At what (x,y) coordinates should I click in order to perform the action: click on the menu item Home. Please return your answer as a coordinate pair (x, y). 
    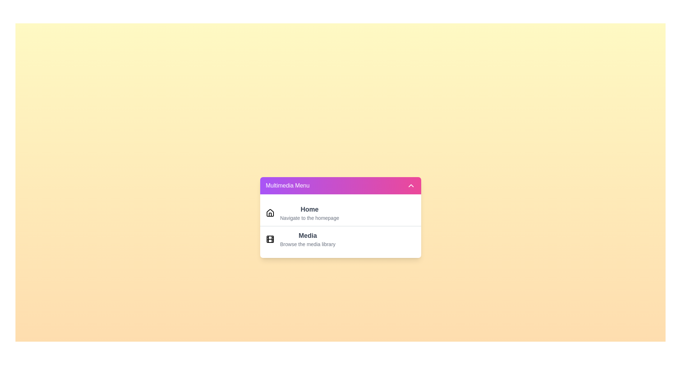
    Looking at the image, I should click on (309, 212).